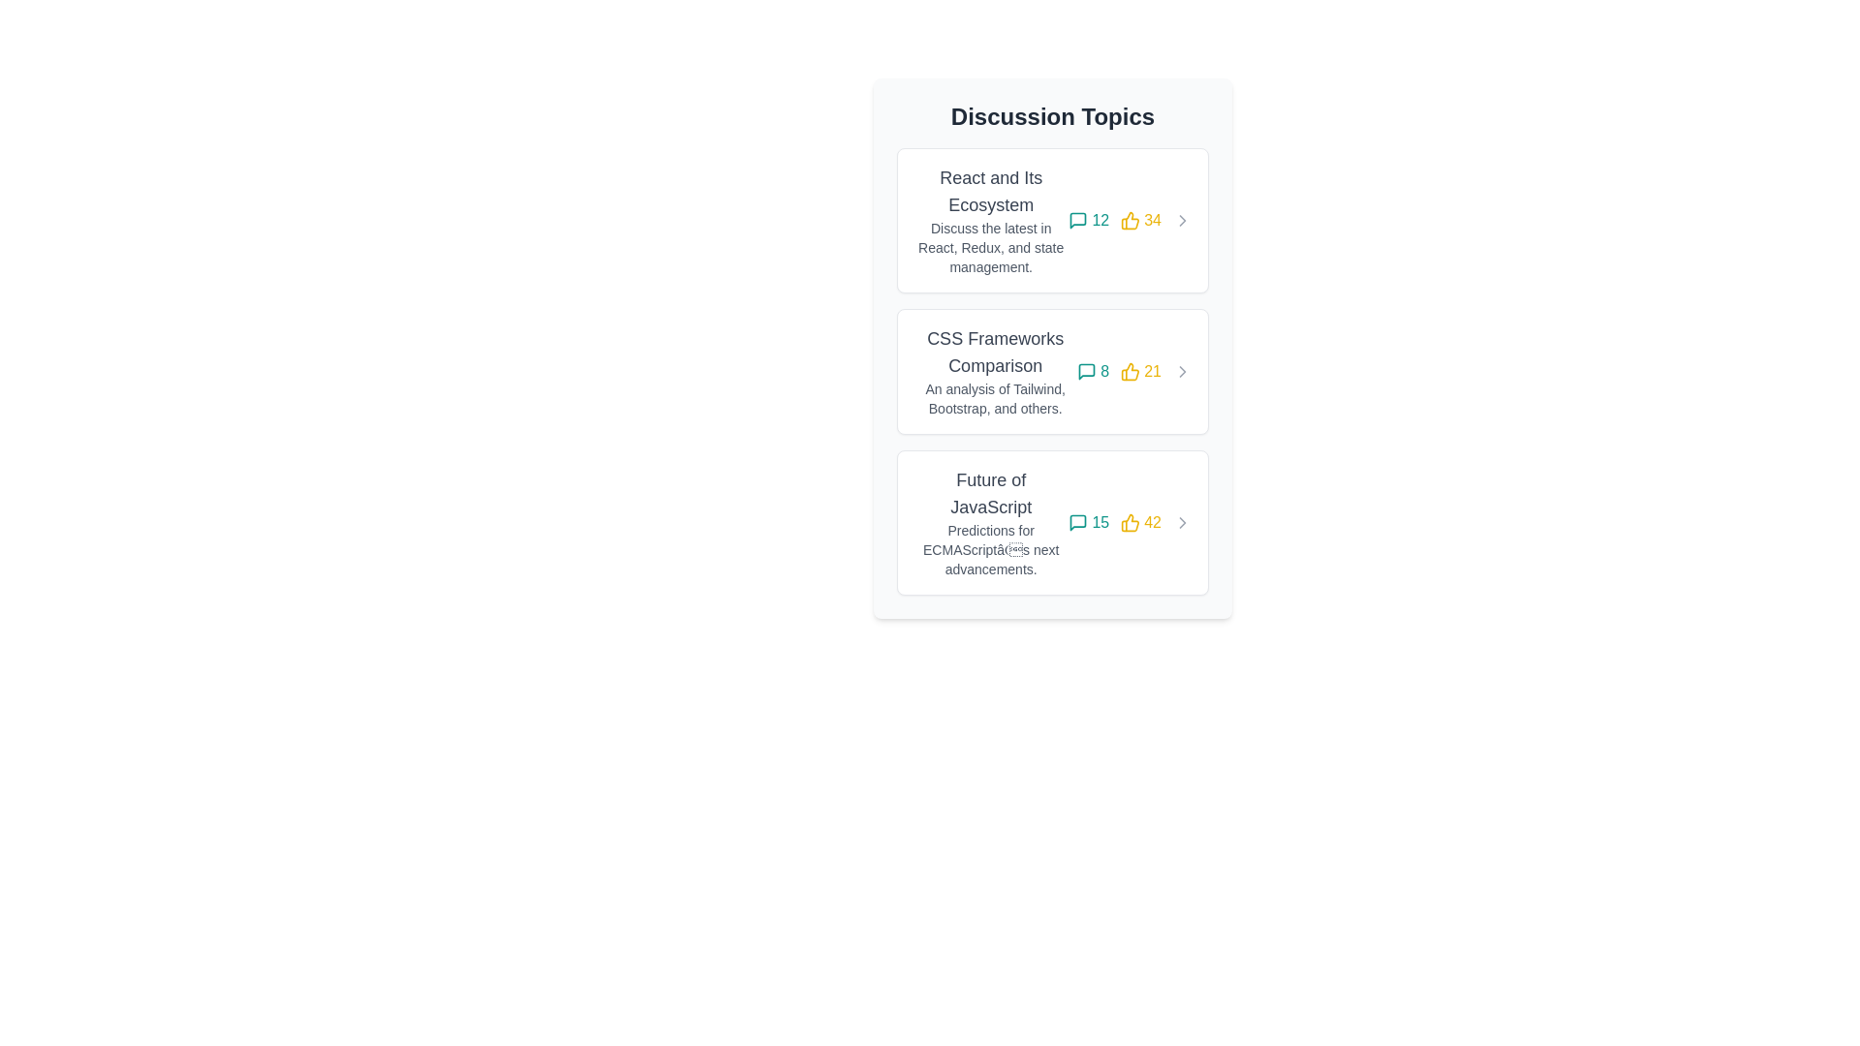  Describe the element at coordinates (1077, 523) in the screenshot. I see `Message/Chat Bubble icon located in the top-right corner of the 'Future of JavaScript' card, which indicates the number of comments or messages (15)` at that location.